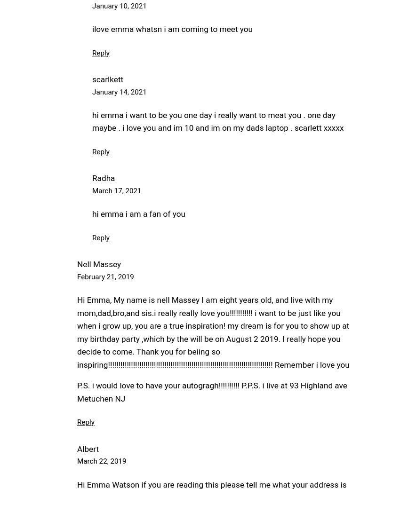  I want to click on 'Hi Emma Watson if you are reading this please tell me what your address is', so click(211, 484).